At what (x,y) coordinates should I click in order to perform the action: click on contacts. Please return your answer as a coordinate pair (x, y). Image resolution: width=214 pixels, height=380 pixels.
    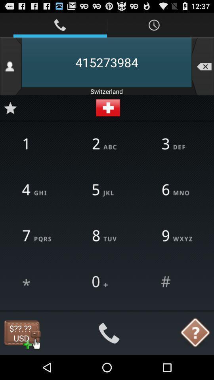
    Looking at the image, I should click on (10, 66).